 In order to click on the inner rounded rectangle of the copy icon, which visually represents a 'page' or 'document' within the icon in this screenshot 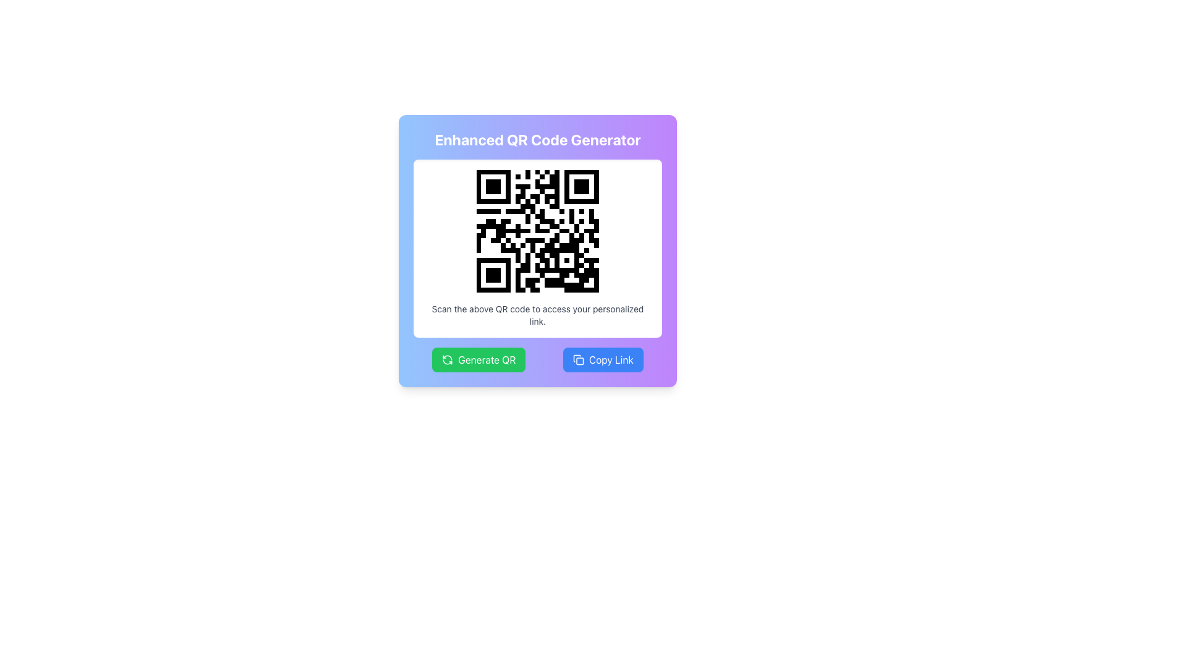, I will do `click(579, 361)`.